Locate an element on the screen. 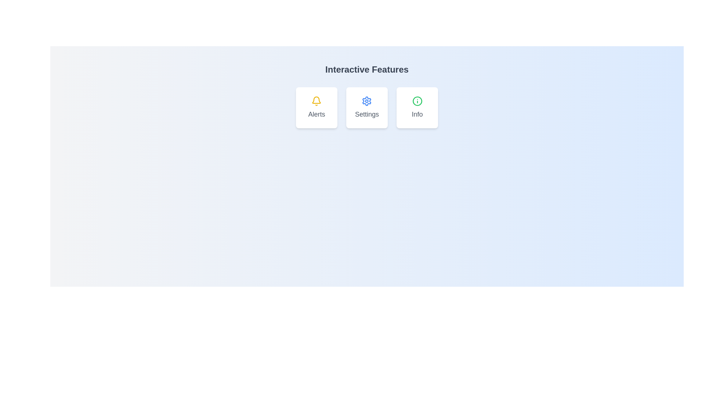  the blue gear icon located in the center of the white card with rounded corners, which features a 'Settings' label below it is located at coordinates (367, 101).